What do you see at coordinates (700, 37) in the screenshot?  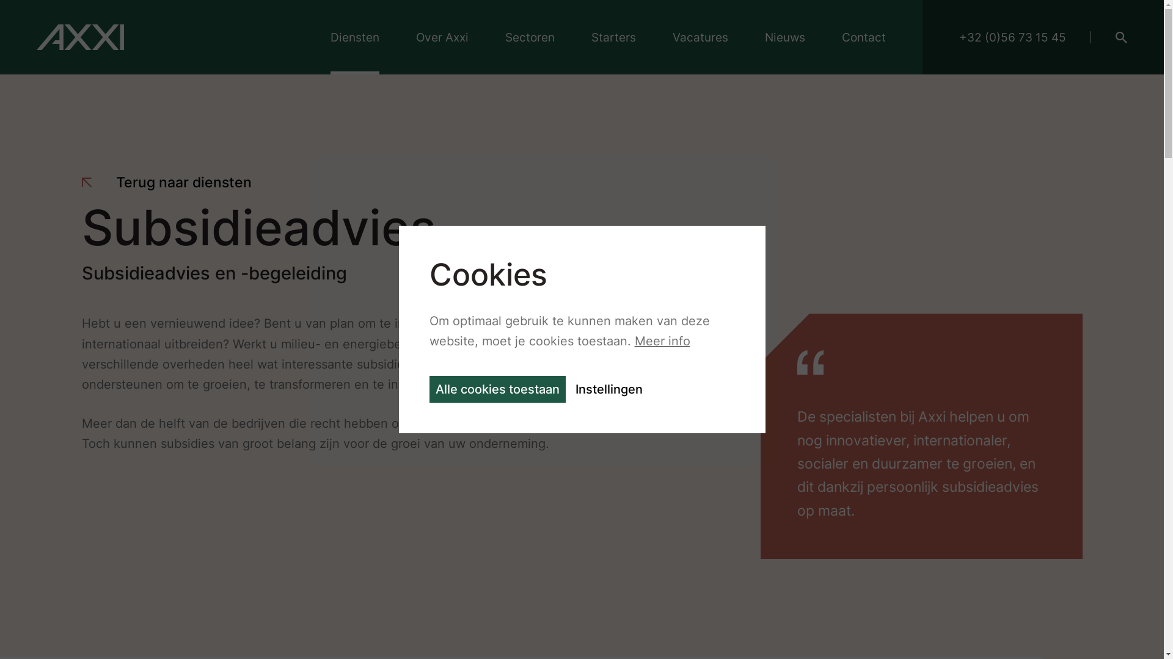 I see `'Vacatures'` at bounding box center [700, 37].